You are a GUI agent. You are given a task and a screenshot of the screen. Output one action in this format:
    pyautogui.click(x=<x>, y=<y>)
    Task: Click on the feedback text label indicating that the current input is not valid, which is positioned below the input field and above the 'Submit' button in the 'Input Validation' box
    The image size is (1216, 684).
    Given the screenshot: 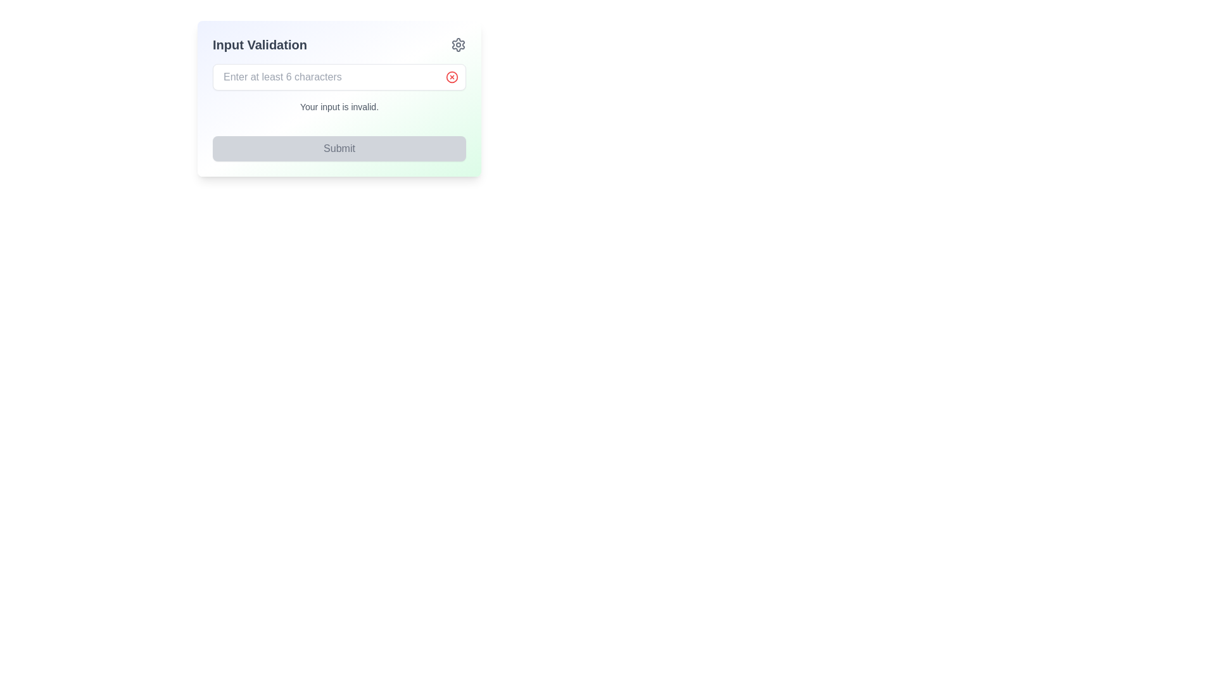 What is the action you would take?
    pyautogui.click(x=339, y=106)
    